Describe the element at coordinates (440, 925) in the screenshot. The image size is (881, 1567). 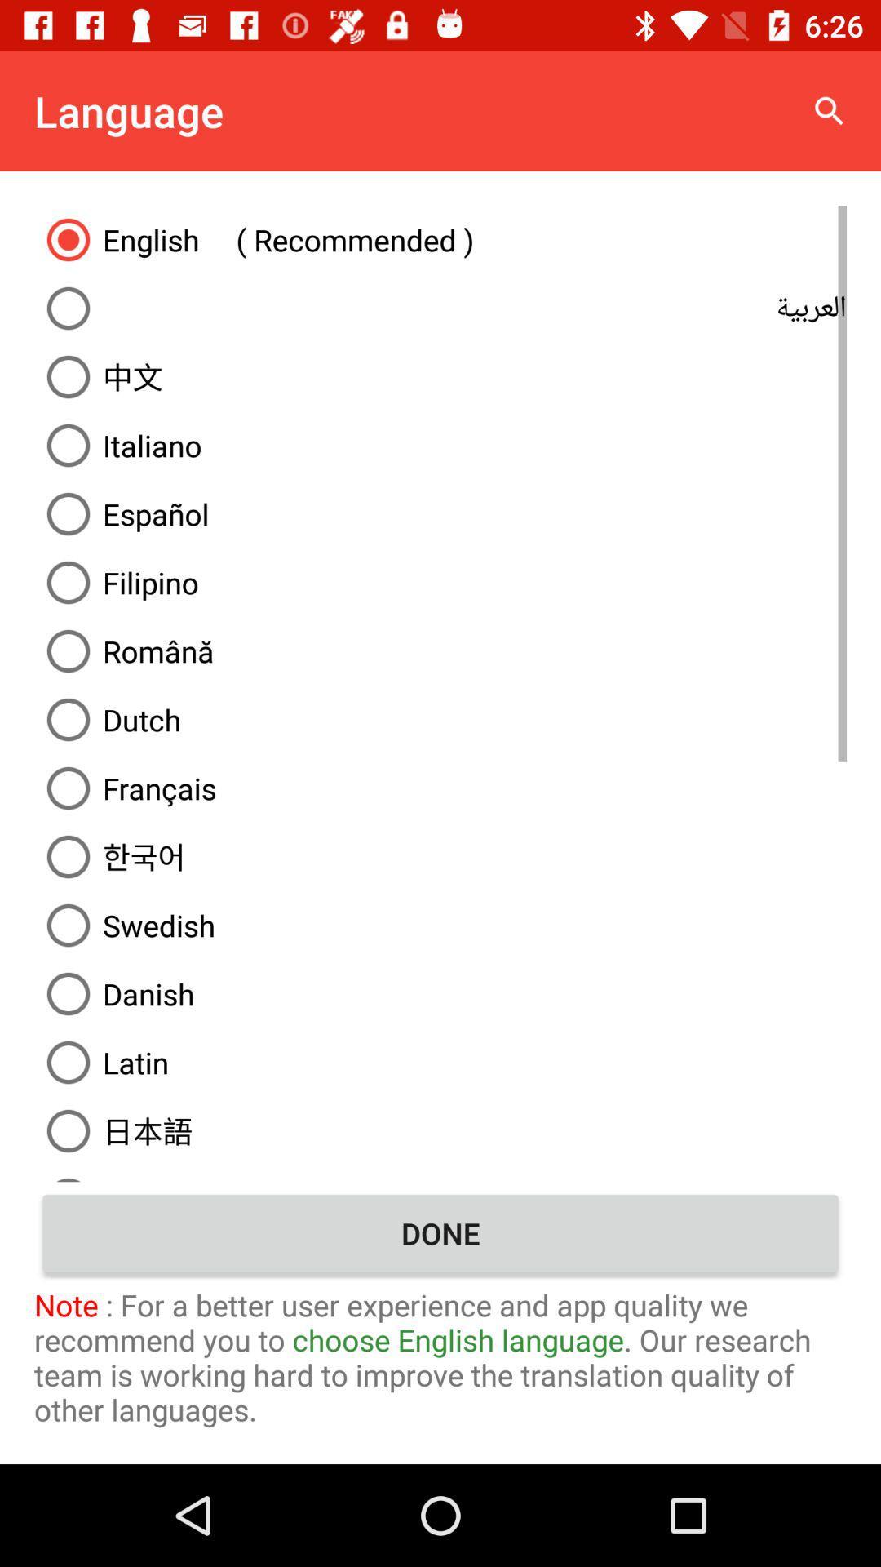
I see `the swedish item` at that location.